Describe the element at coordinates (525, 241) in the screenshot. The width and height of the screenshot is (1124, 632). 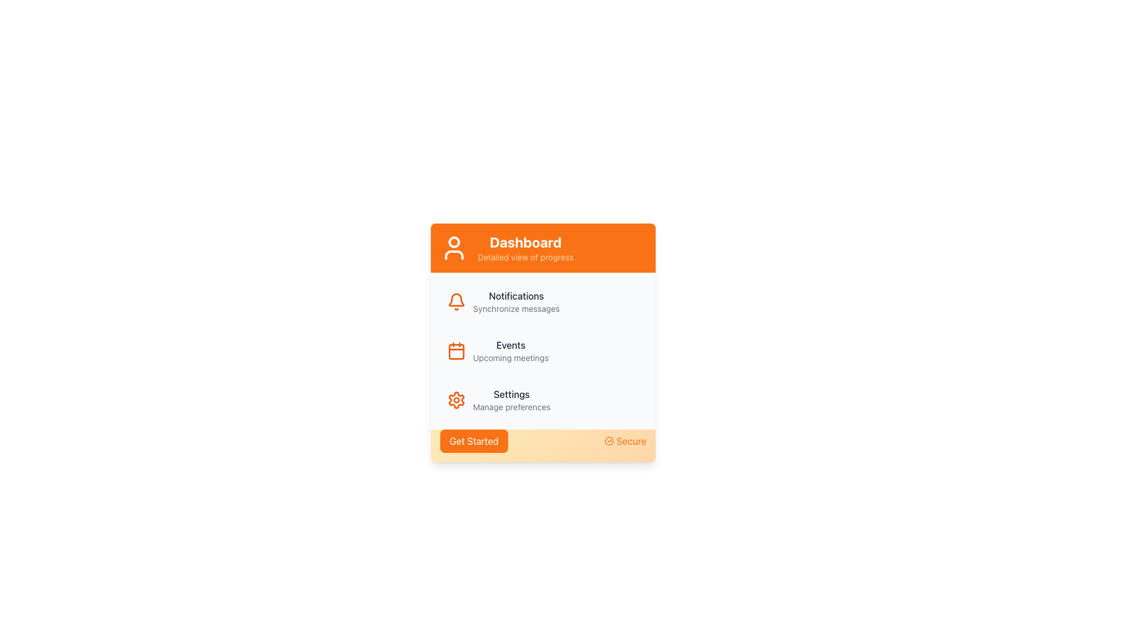
I see `the Text Label that serves as the title for the dashboard card, located at the top-center section of the dashboard component` at that location.